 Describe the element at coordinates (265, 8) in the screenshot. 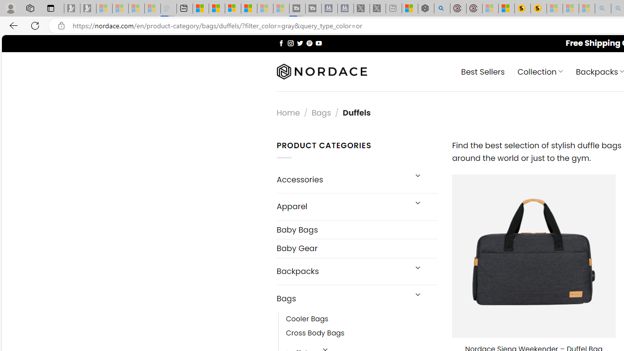

I see `'Microsoft Start - Sleeping'` at that location.